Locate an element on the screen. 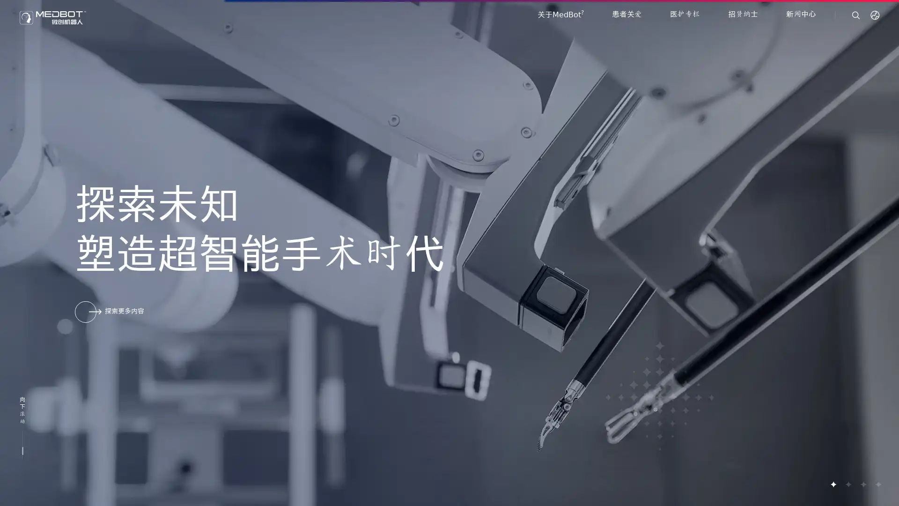 Image resolution: width=899 pixels, height=506 pixels. Go to slide 4 is located at coordinates (877, 484).